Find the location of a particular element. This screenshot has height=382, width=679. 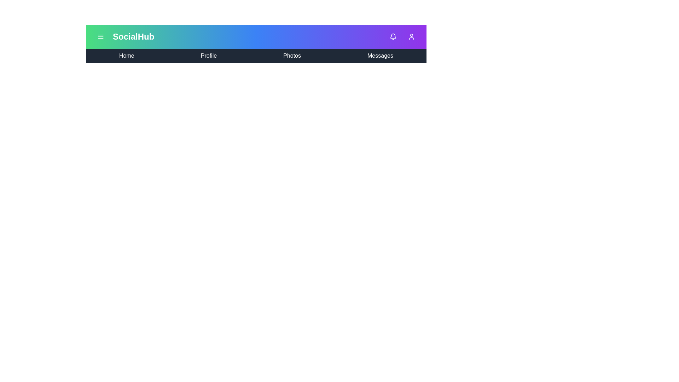

the navigation item Profile to see the hover effect is located at coordinates (208, 56).